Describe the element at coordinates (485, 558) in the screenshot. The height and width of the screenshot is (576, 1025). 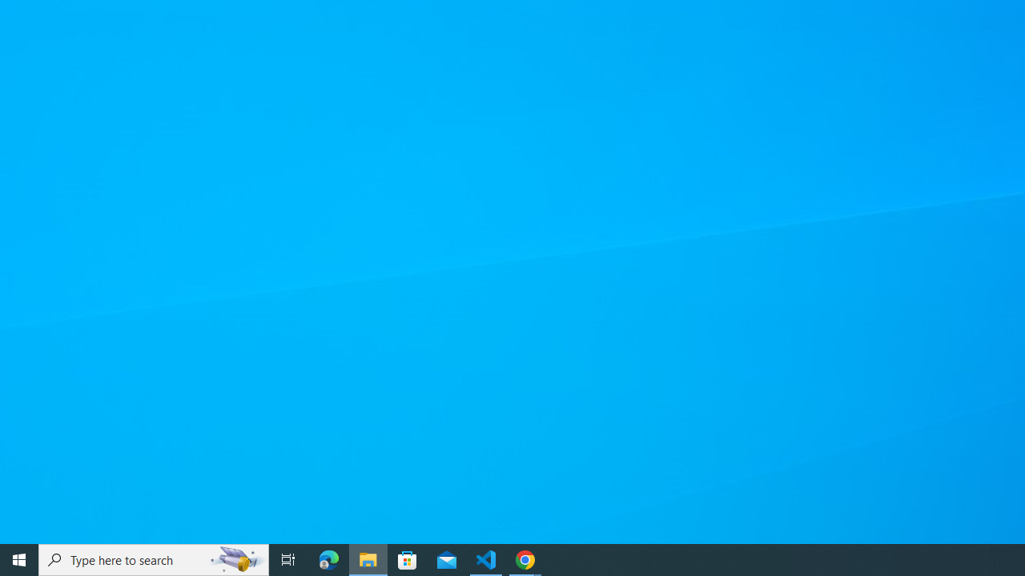
I see `'Visual Studio Code - 1 running window'` at that location.